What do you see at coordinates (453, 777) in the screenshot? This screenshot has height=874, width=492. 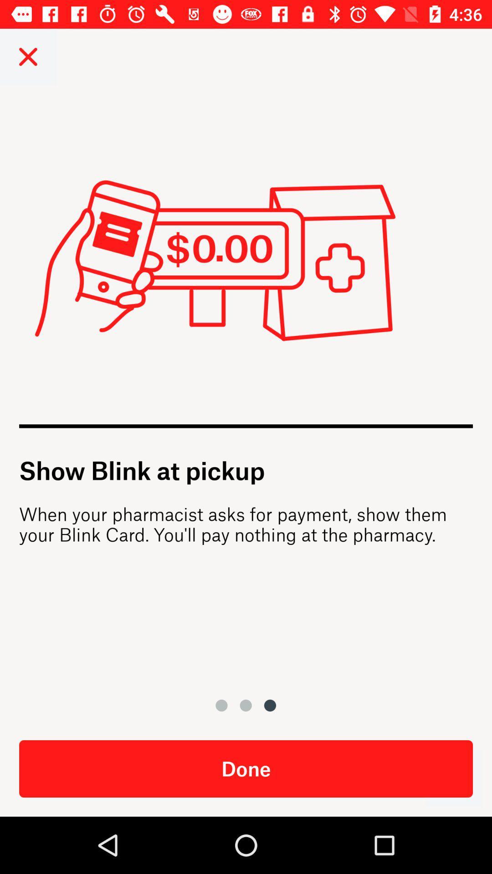 I see `finish slide tutorial` at bounding box center [453, 777].